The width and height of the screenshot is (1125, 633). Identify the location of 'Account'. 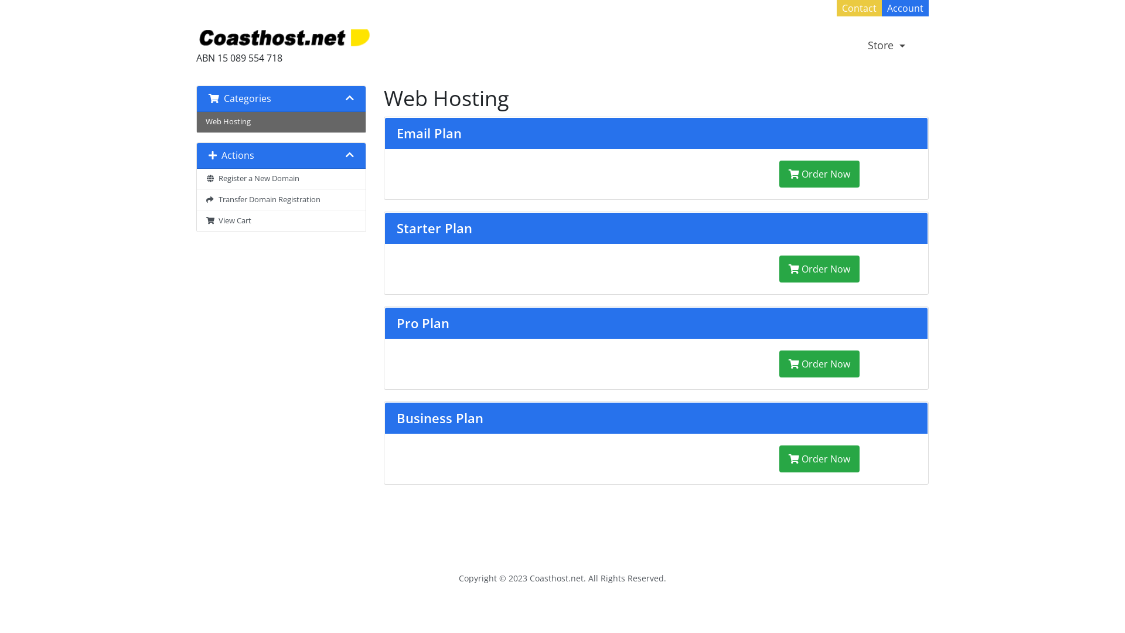
(905, 8).